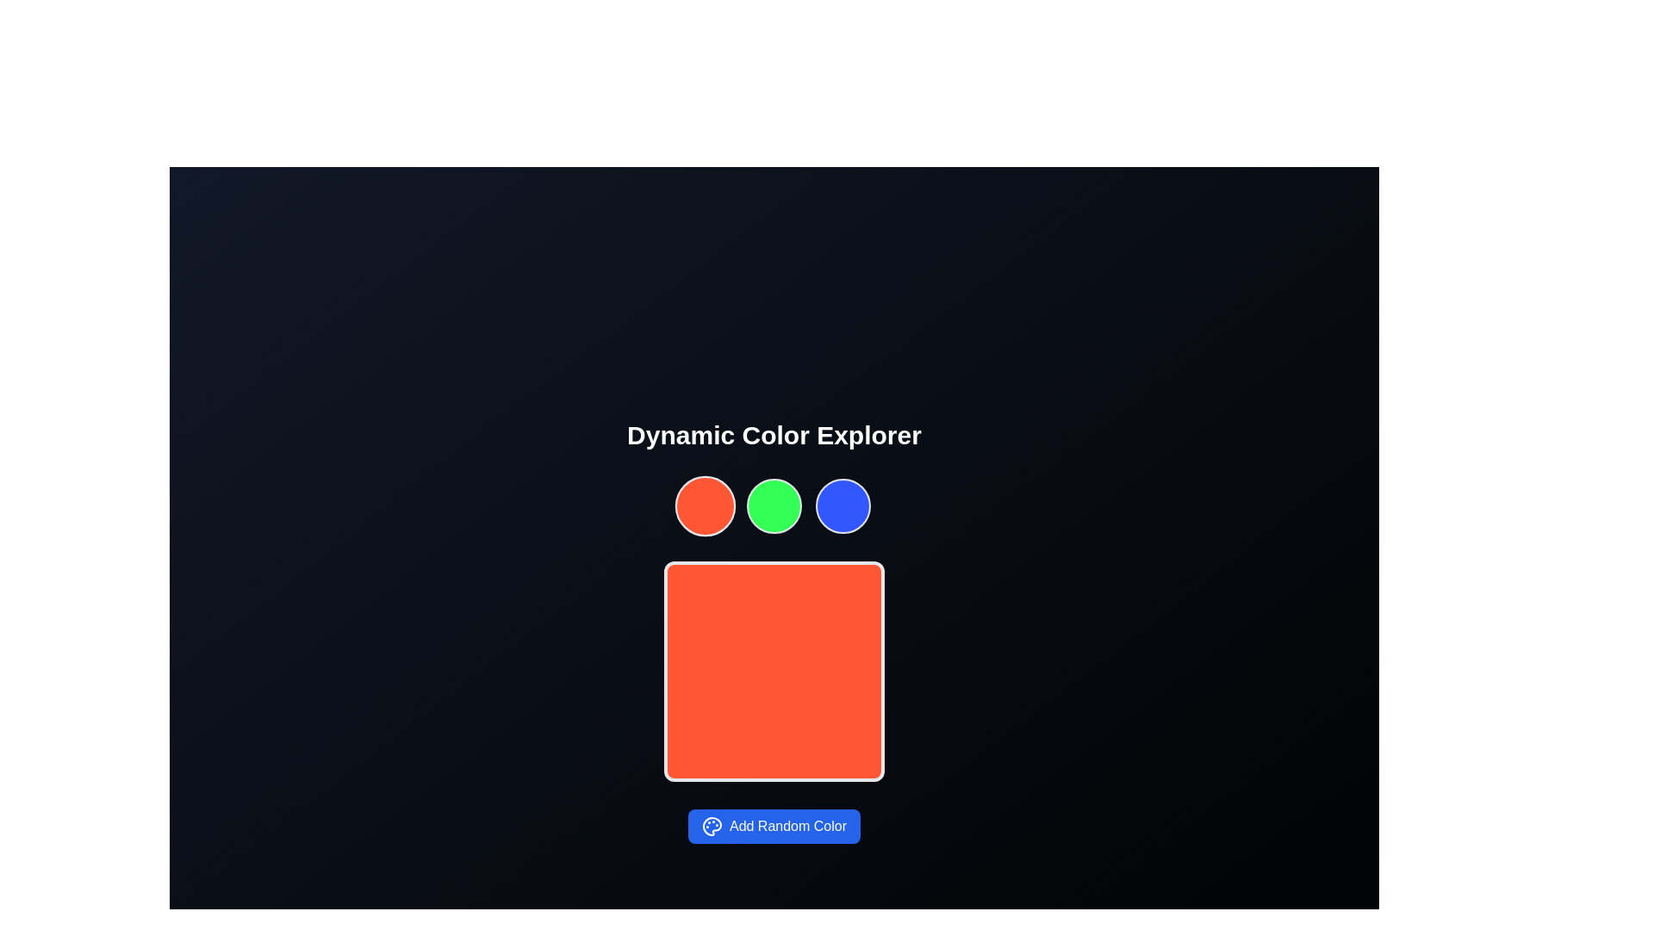  What do you see at coordinates (773, 434) in the screenshot?
I see `the text label at the top of the interface that serves as a title or heading for the application, located centrally above the circular color elements` at bounding box center [773, 434].